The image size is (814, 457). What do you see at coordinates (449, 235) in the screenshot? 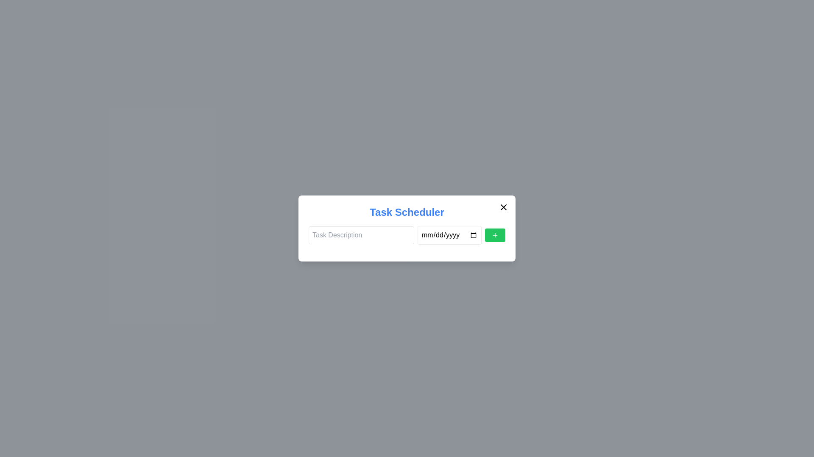
I see `the Date input field located below the 'Task Scheduler' header, positioned between a text input field on the left and a green button on the right` at bounding box center [449, 235].